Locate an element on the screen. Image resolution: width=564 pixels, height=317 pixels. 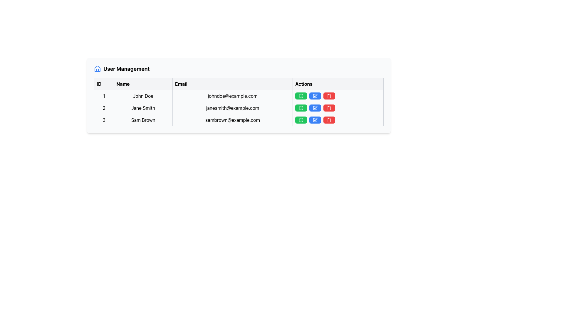
the green circular button with an 'i' symbol located in the 'Actions' column next to the email 'johndoe@example.com' is located at coordinates (301, 96).